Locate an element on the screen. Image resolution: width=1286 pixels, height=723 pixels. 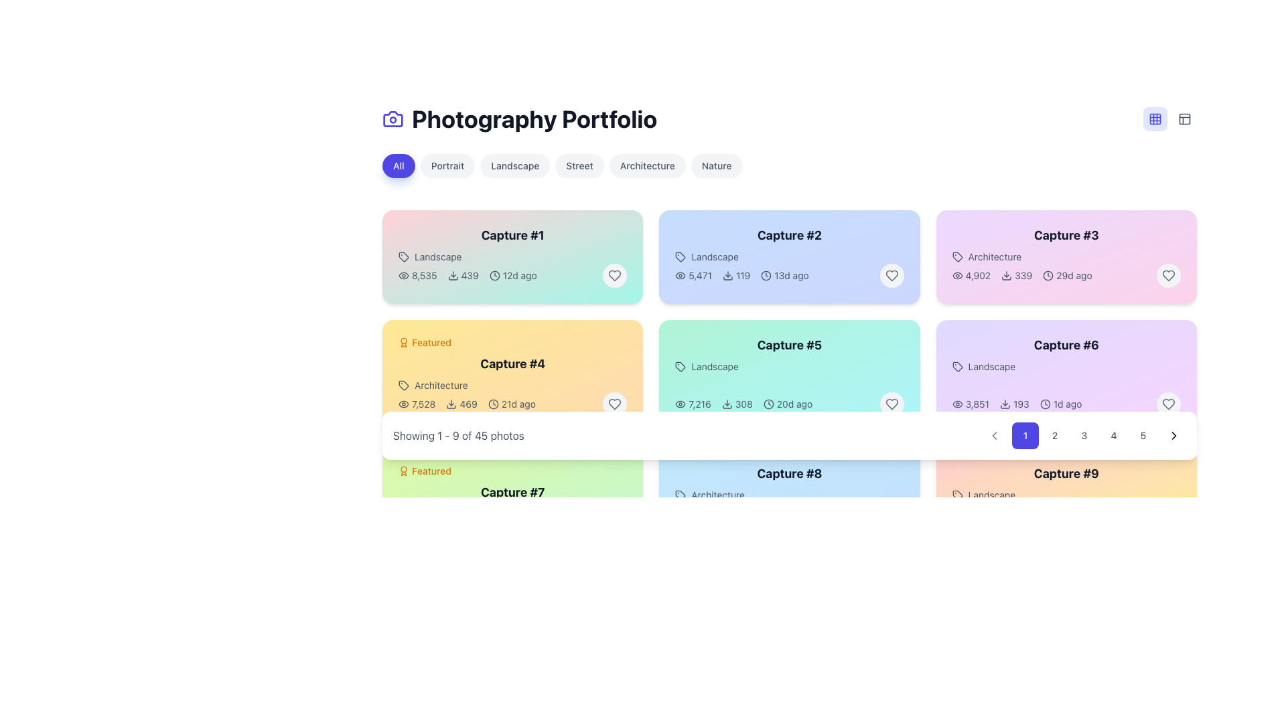
the icon button located in the top-right section of the interface, which resembles a square with a smaller square in the top-left corner is located at coordinates (1185, 118).